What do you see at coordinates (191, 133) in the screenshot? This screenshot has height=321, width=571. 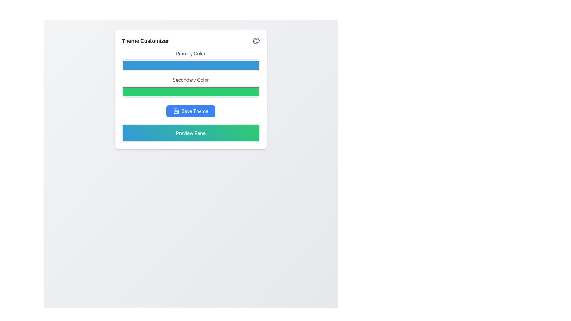 I see `the 'Preview Pane' label, which is styled with a white font on a vibrant gradient background and is located at the bottom center of the panel, below the 'Save Theme' button` at bounding box center [191, 133].